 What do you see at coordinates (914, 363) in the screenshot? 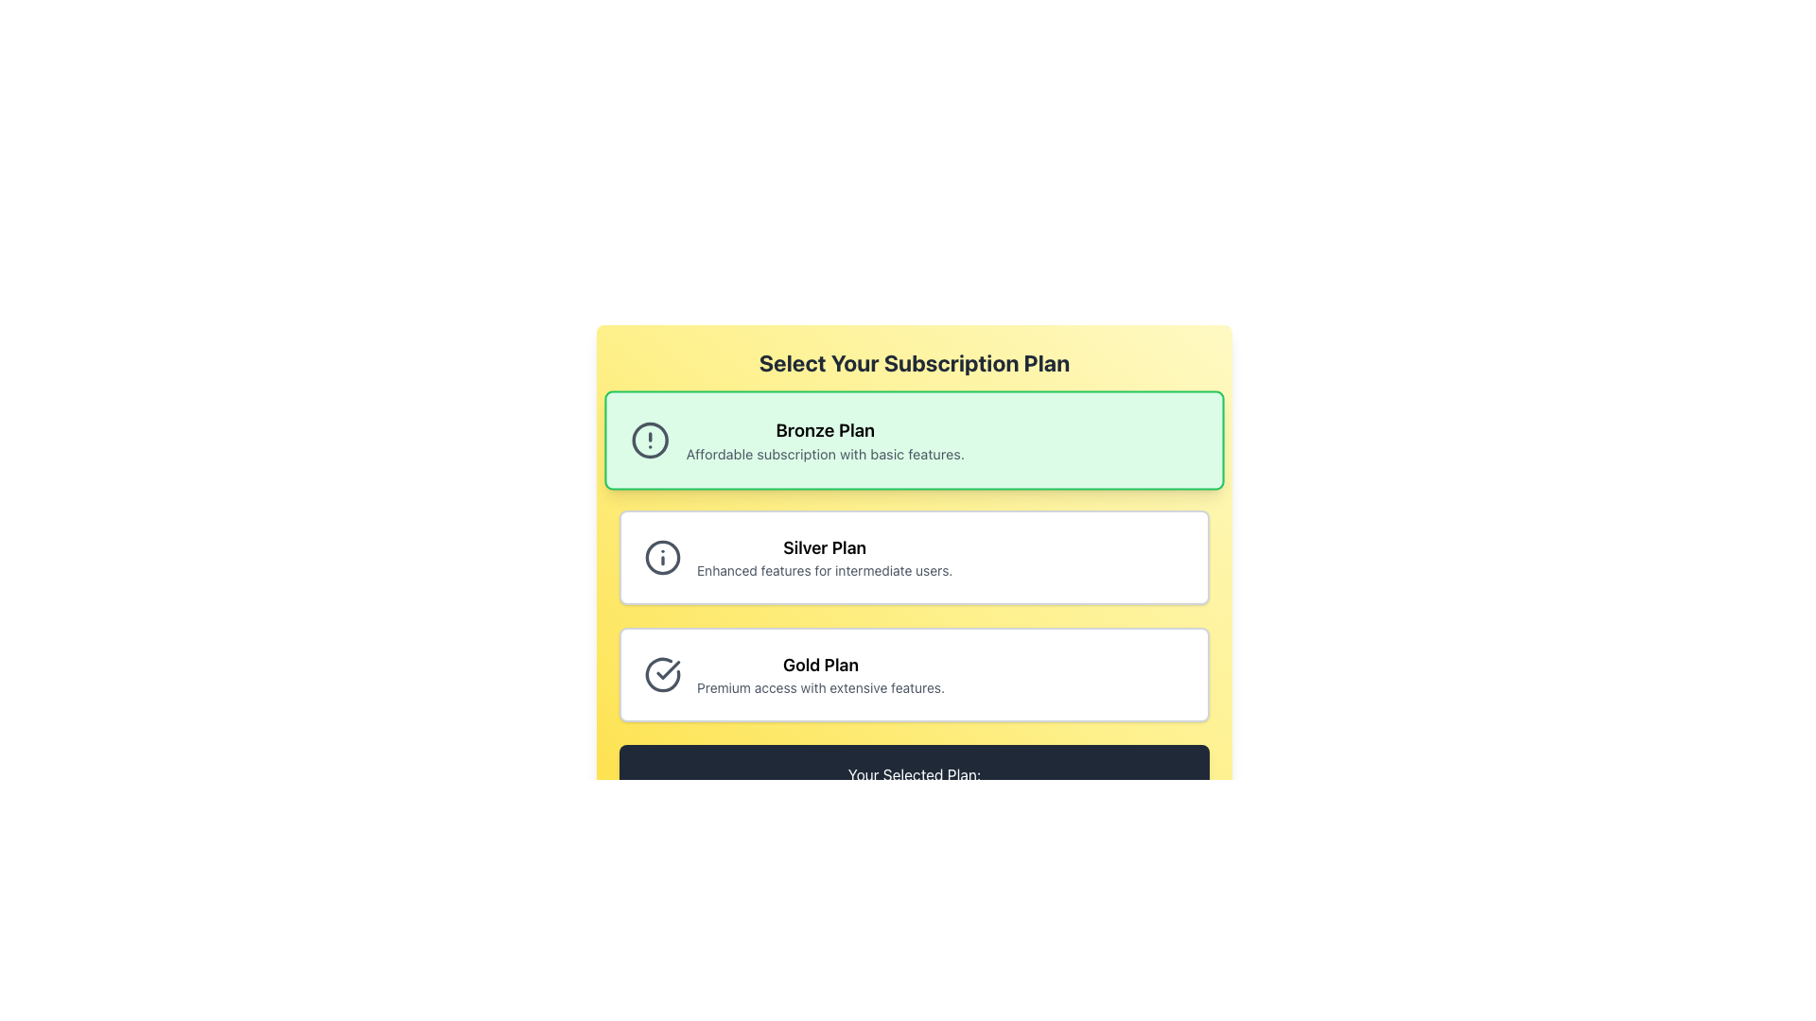
I see `text label that serves as the title for the subscription plan selection section, located at the top of the card-like interface` at bounding box center [914, 363].